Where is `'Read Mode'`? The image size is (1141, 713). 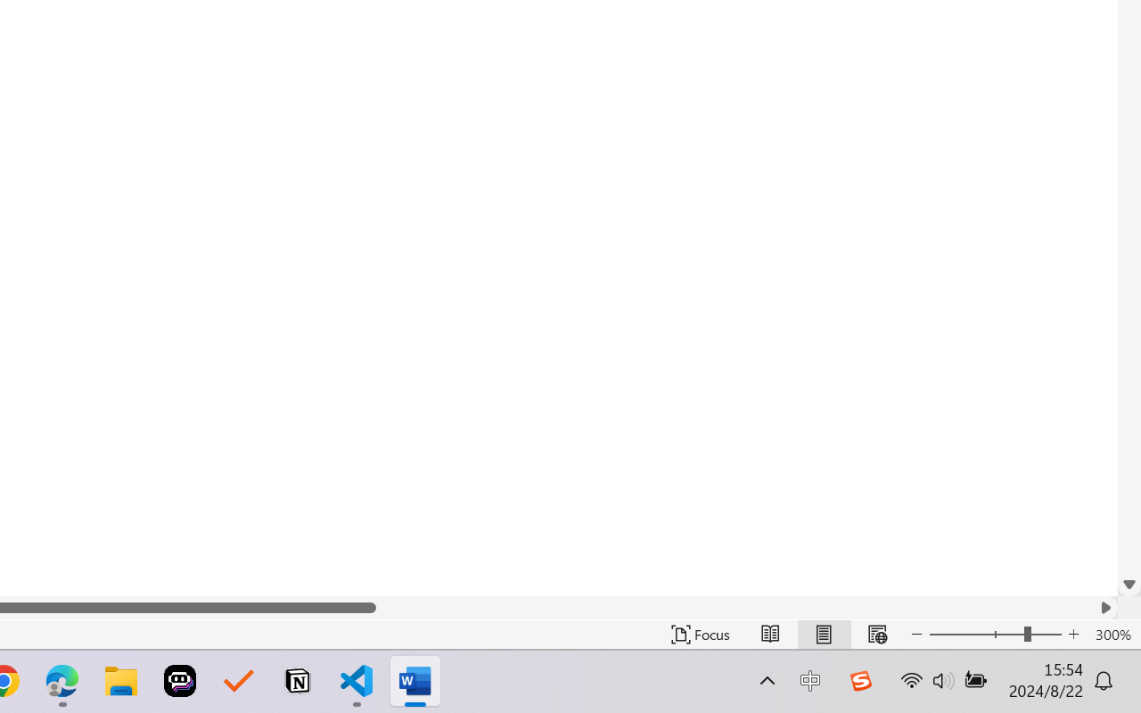
'Read Mode' is located at coordinates (770, 634).